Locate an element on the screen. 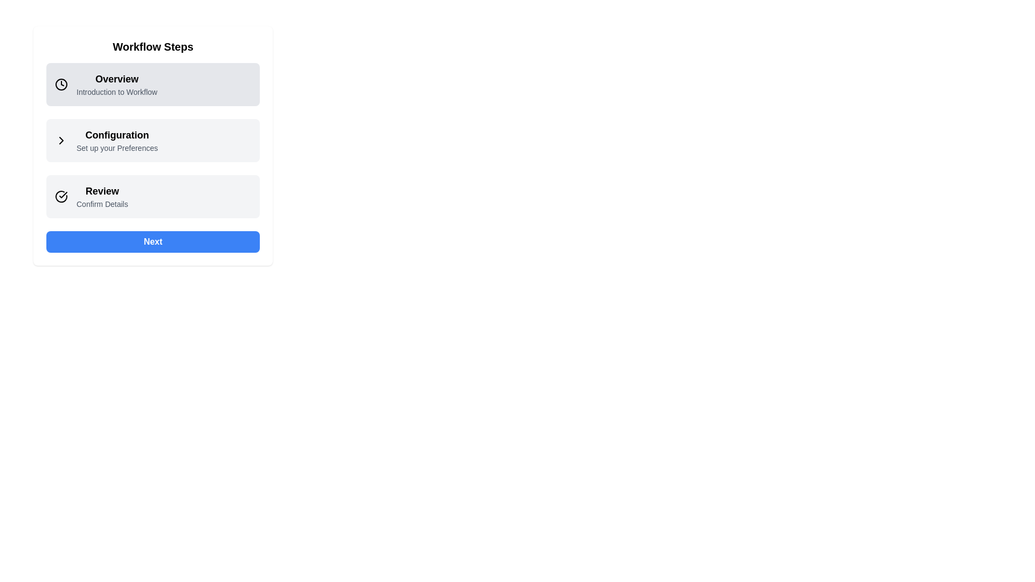 This screenshot has width=1035, height=582. text label located directly below the bold 'Overview' text in the 'Workflow Steps' interface, styled with a smaller font size and light gray color is located at coordinates (116, 91).